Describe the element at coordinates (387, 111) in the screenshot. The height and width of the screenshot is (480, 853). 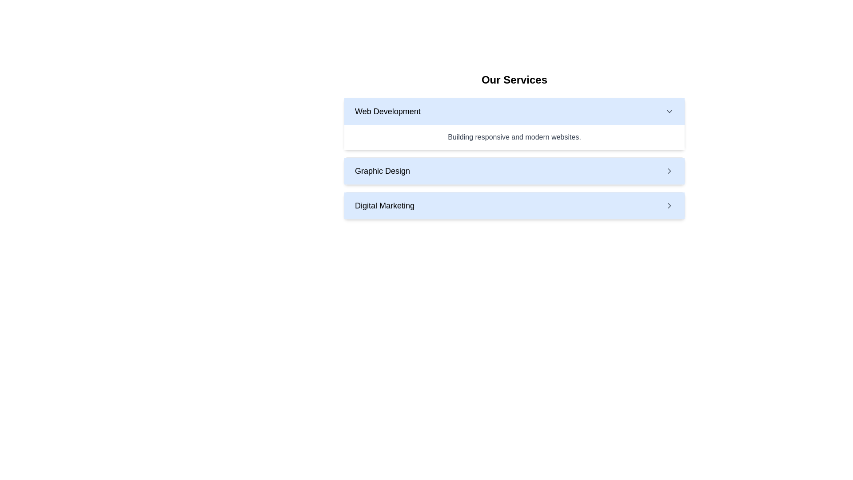
I see `the text label that displays 'Web Development' styled in a large black font, located at the top-left corner of a light blue rectangular section` at that location.